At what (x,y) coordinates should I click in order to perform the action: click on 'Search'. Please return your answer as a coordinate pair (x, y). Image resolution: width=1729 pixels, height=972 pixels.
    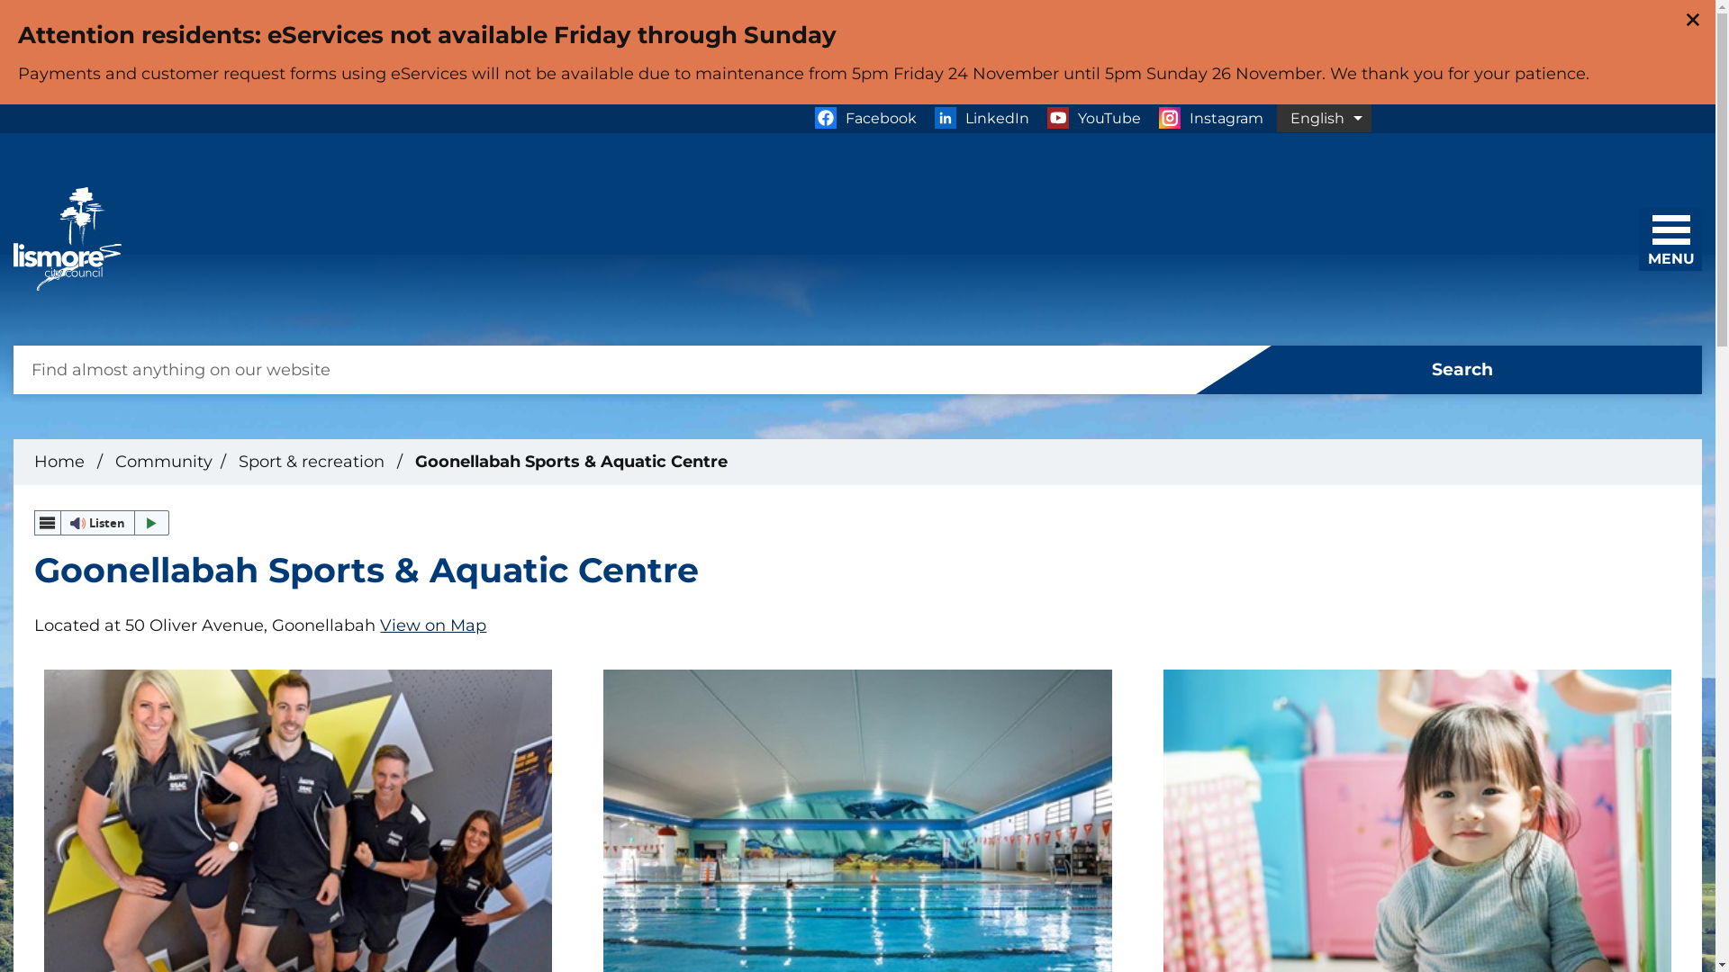
    Looking at the image, I should click on (1449, 369).